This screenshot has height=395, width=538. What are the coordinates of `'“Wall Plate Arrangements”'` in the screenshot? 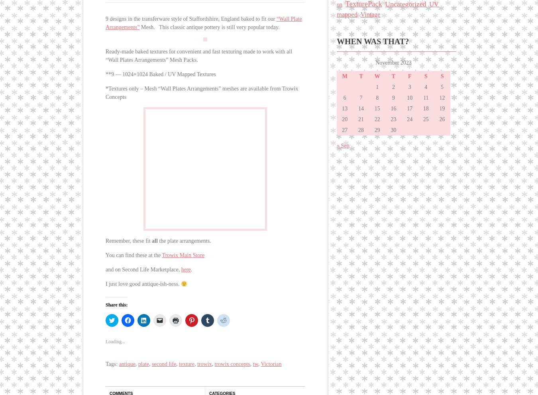 It's located at (203, 21).